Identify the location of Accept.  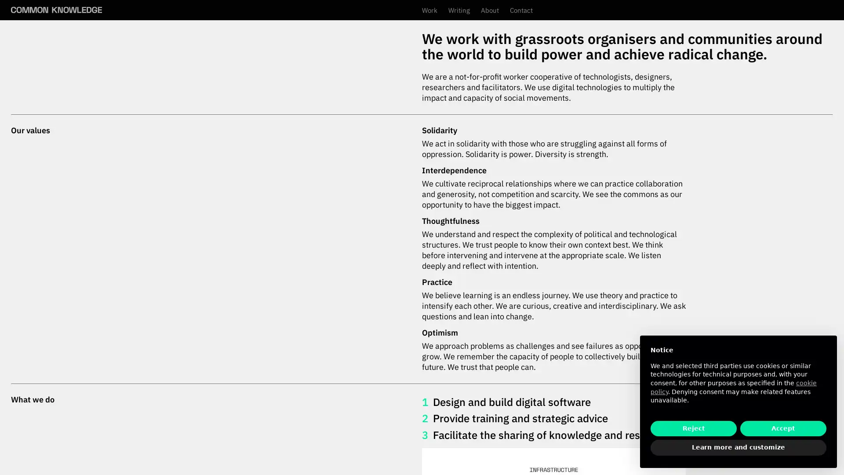
(783, 428).